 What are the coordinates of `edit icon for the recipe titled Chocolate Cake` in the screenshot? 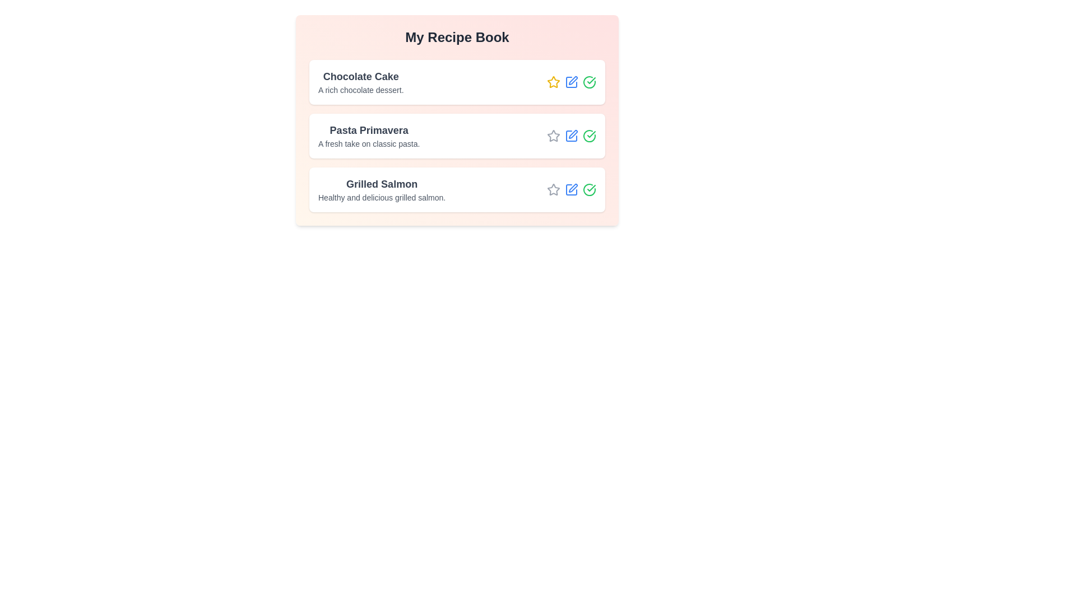 It's located at (571, 81).